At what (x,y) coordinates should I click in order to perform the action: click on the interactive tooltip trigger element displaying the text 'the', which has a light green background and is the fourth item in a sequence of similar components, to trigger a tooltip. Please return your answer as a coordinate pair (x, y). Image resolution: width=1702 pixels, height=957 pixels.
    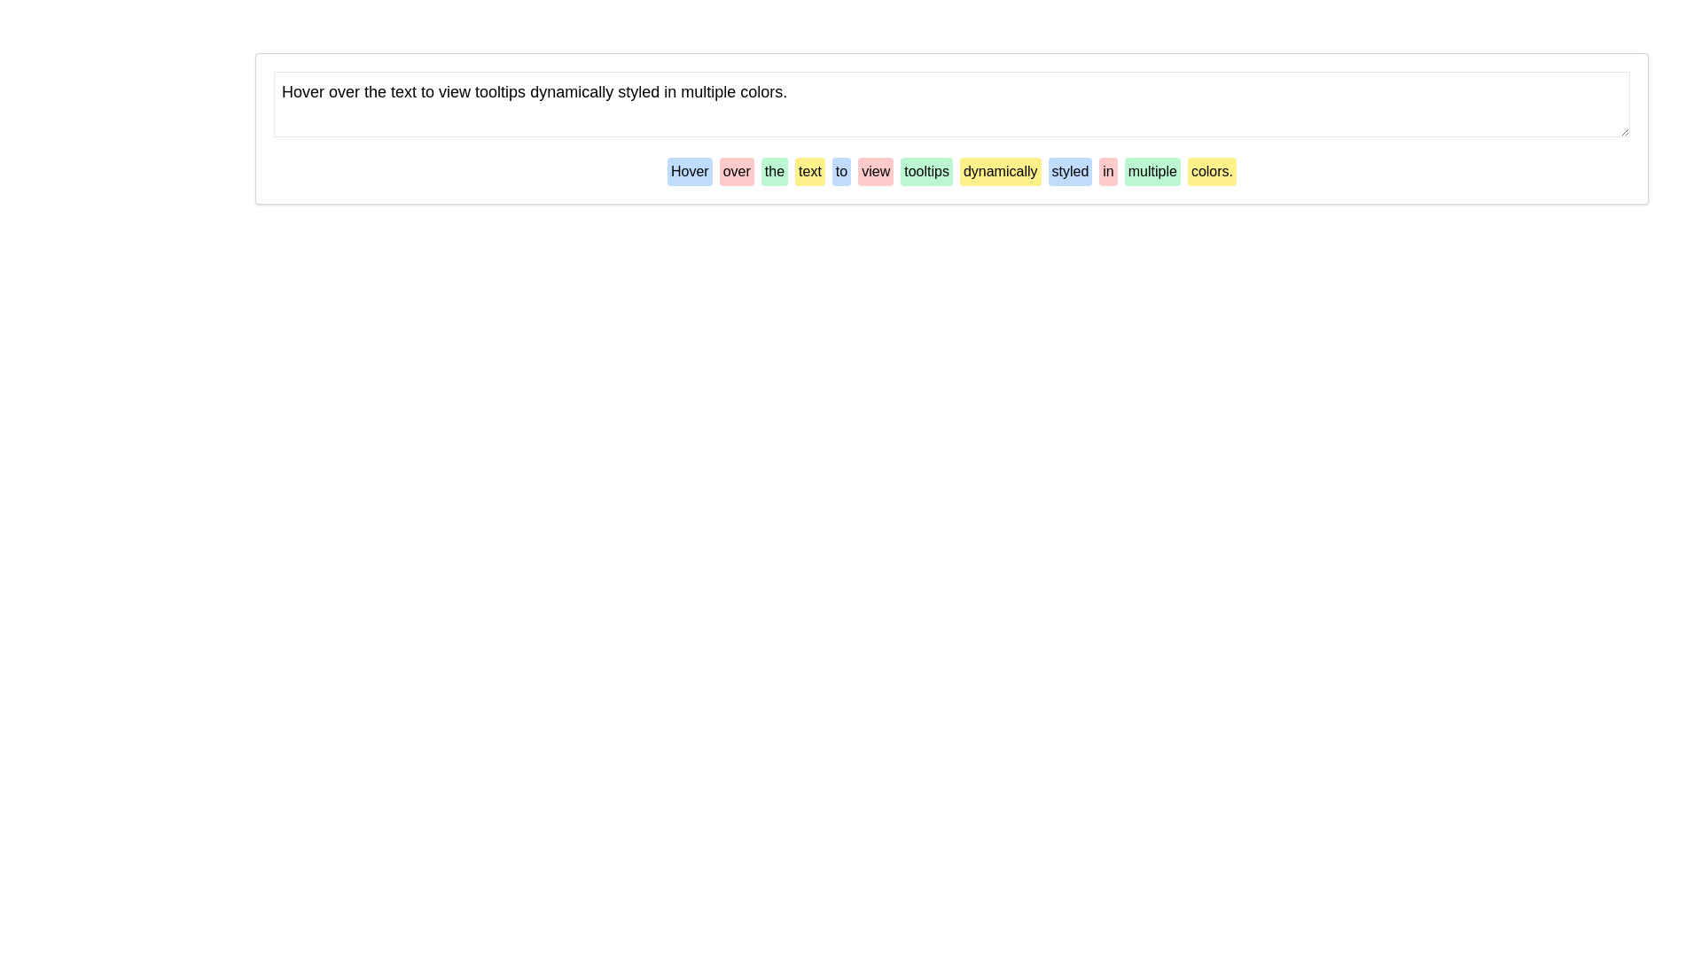
    Looking at the image, I should click on (774, 171).